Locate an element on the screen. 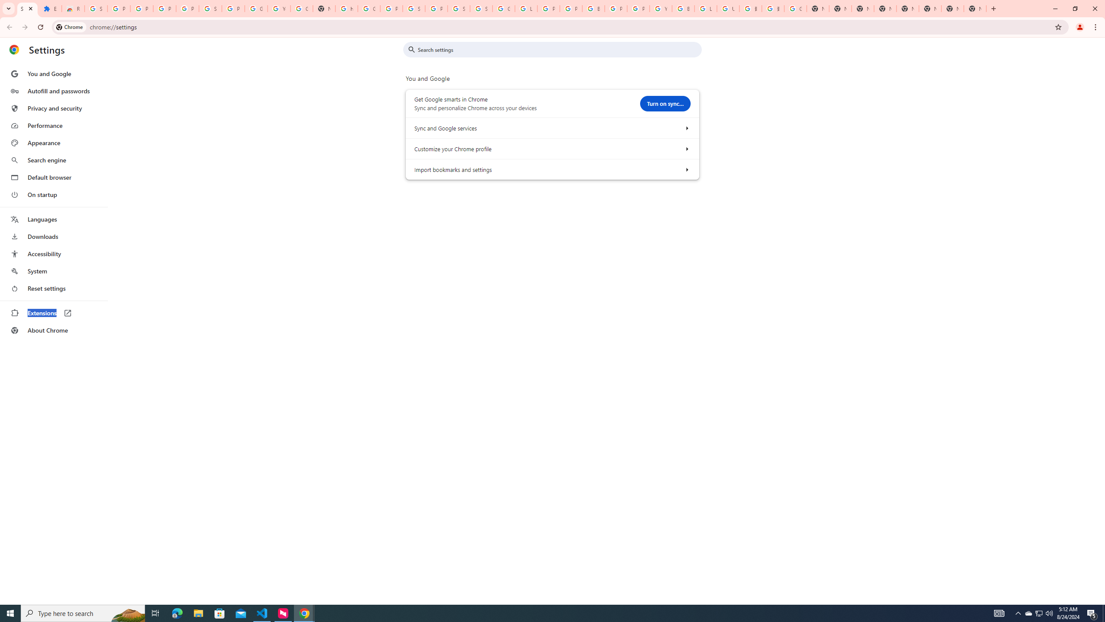 The width and height of the screenshot is (1105, 622). 'Default browser' is located at coordinates (53, 177).